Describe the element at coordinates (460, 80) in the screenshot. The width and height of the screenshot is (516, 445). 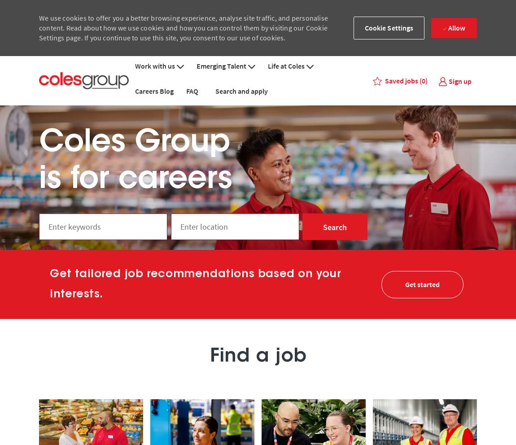
I see `'Sign up'` at that location.